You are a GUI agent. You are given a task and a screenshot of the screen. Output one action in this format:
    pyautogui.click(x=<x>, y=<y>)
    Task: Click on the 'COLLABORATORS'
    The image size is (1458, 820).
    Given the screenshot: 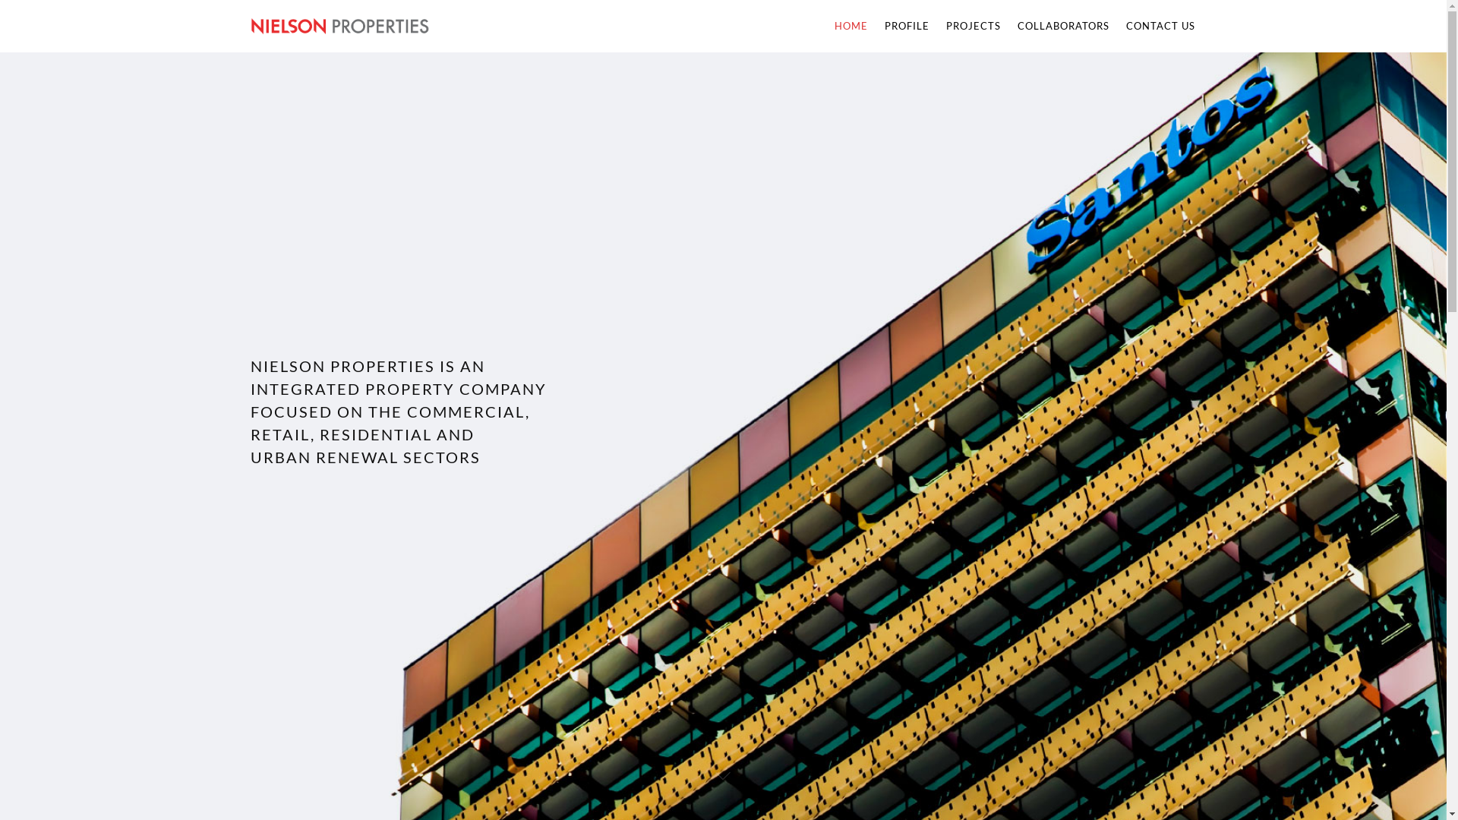 What is the action you would take?
    pyautogui.click(x=1009, y=26)
    